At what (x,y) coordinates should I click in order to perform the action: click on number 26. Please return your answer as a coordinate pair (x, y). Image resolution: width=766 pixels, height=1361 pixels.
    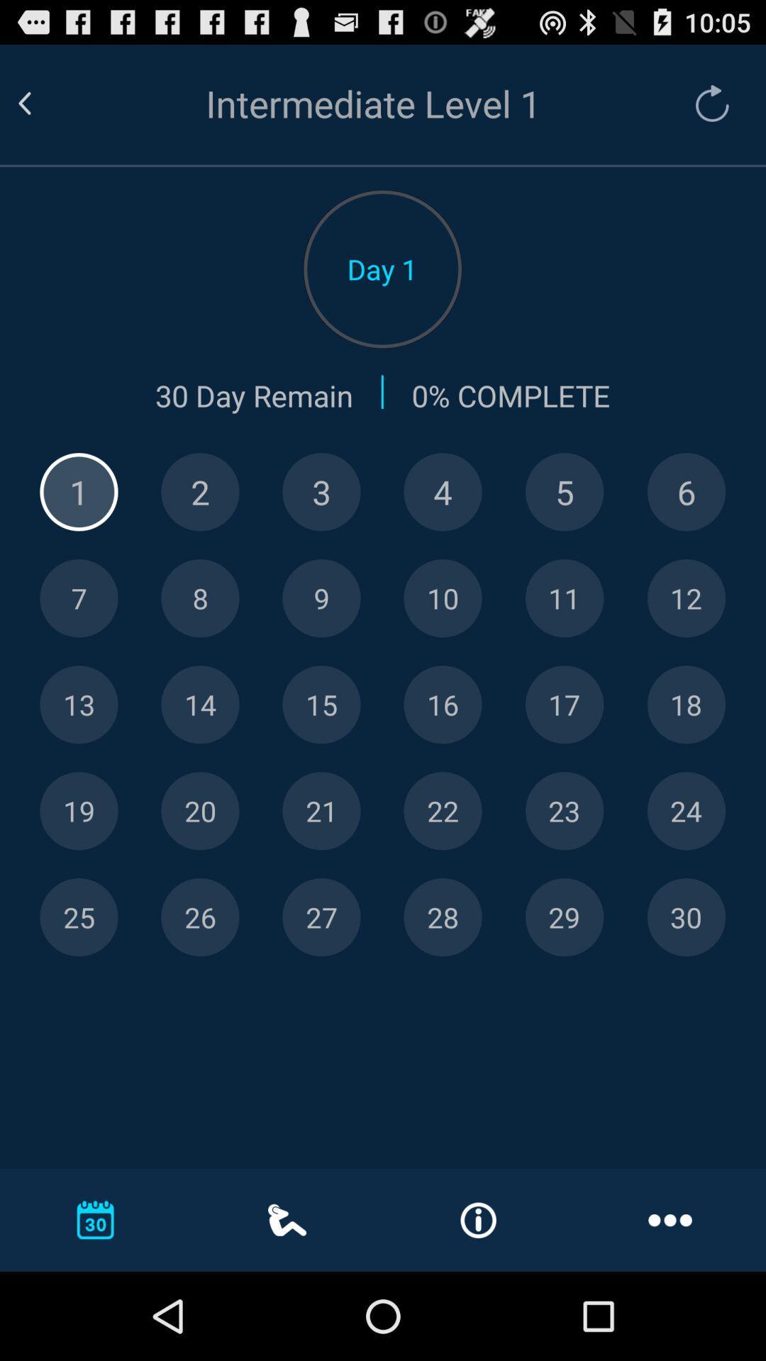
    Looking at the image, I should click on (200, 917).